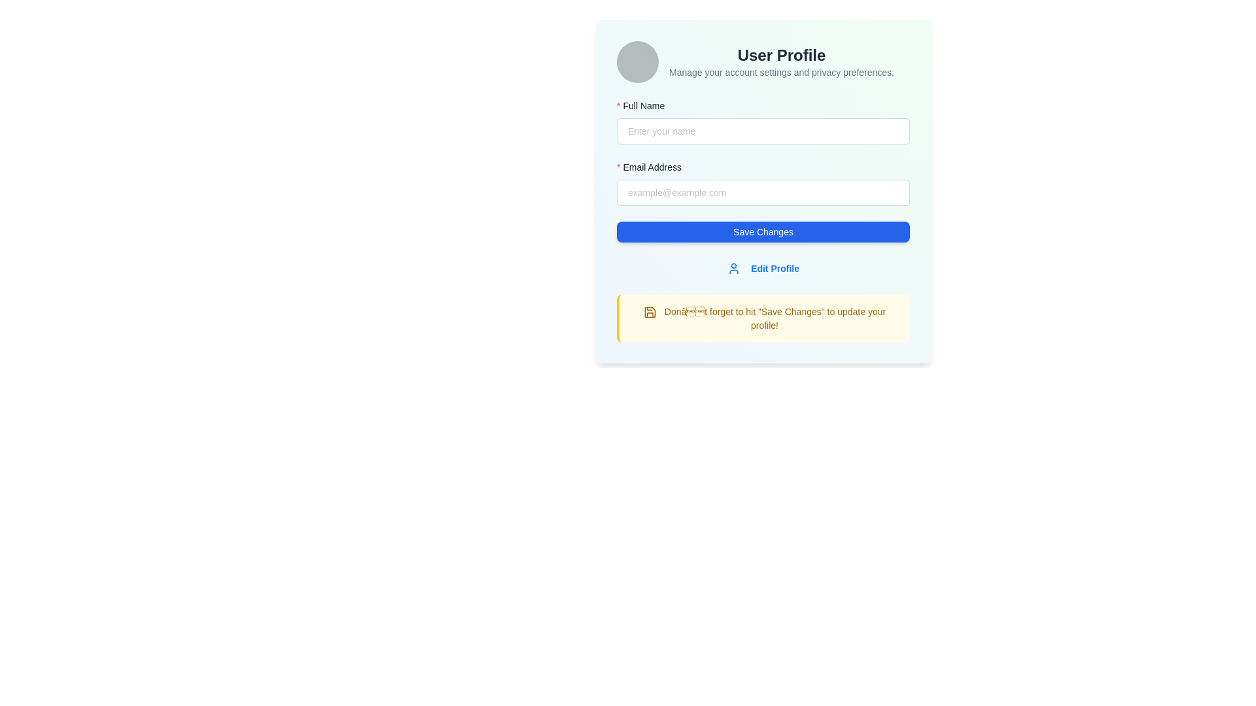 The width and height of the screenshot is (1256, 706). What do you see at coordinates (763, 192) in the screenshot?
I see `the email address input field located beneath the 'Email Address' label in the 'User Profile' section to enable text entry` at bounding box center [763, 192].